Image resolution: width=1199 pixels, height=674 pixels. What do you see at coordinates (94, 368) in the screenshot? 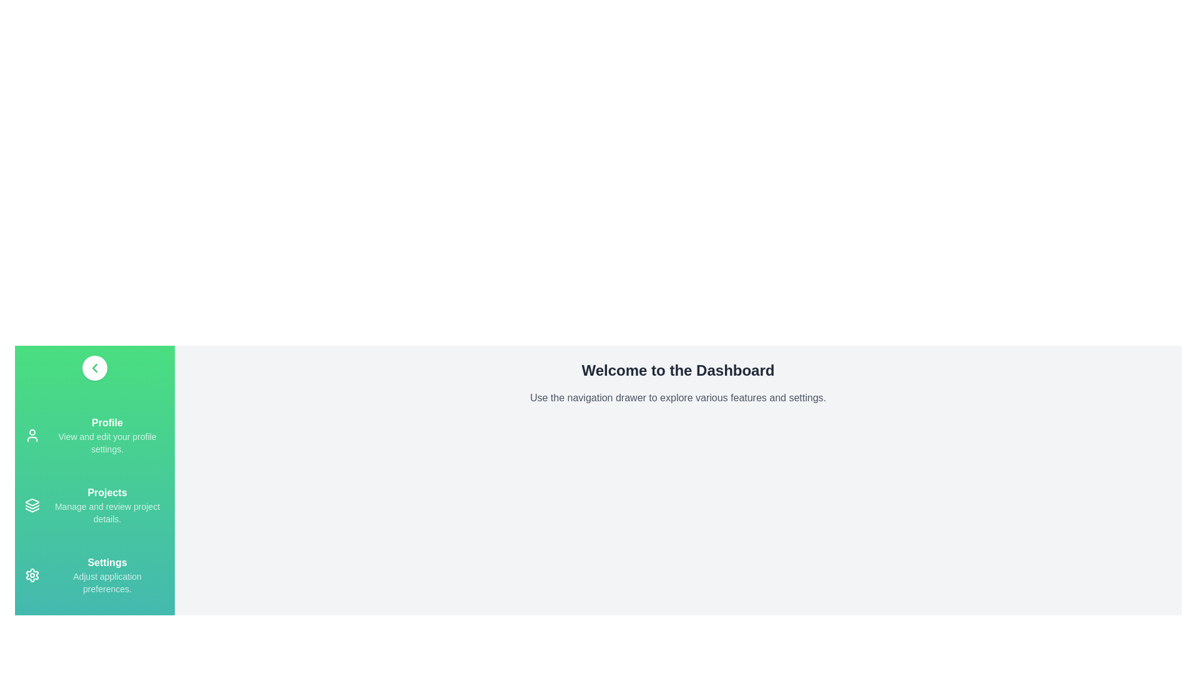
I see `the navigation drawer toggle button to toggle the drawer state` at bounding box center [94, 368].